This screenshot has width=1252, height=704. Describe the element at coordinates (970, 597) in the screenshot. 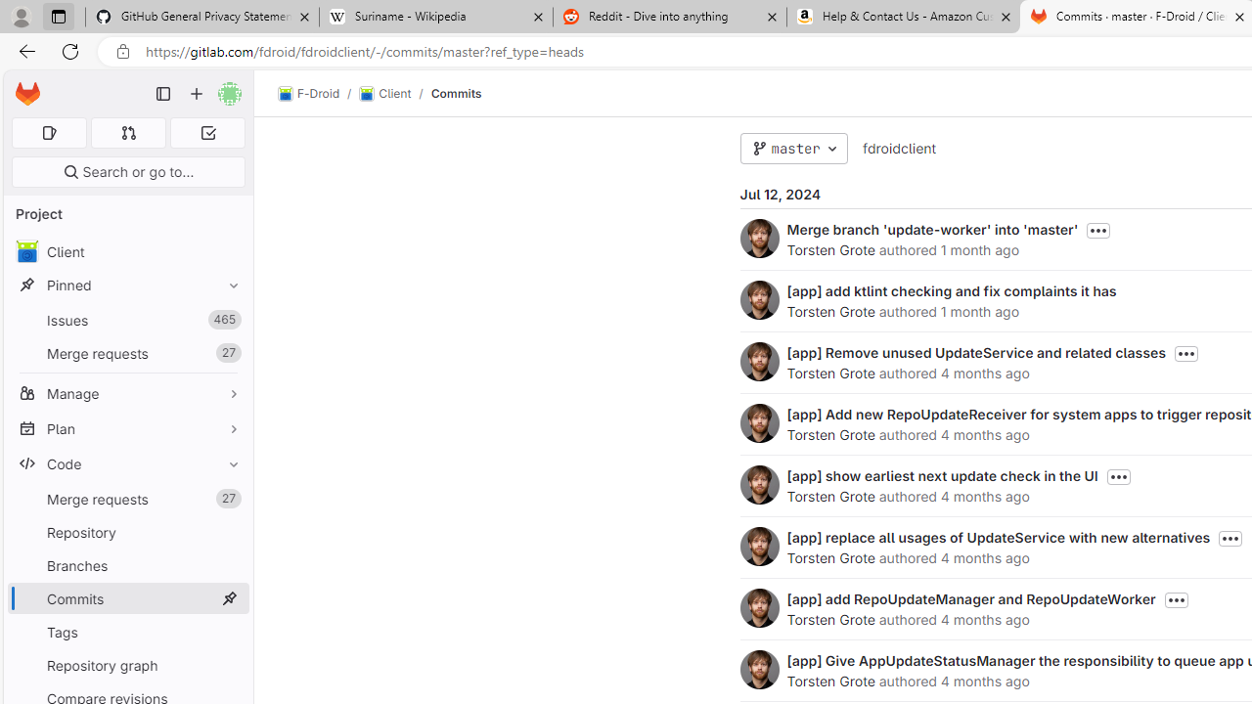

I see `'[app] add RepoUpdateManager and RepoUpdateWorker'` at that location.